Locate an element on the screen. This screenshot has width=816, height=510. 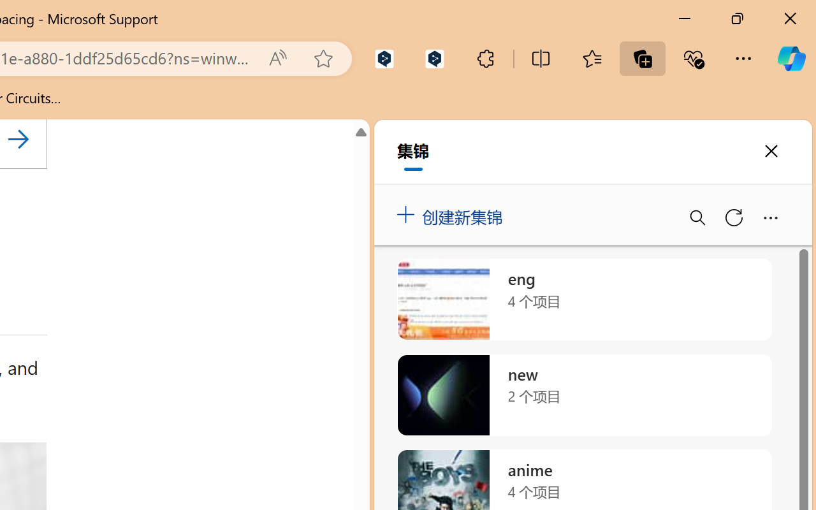
'Copilot (Ctrl+Shift+.)' is located at coordinates (790, 58).